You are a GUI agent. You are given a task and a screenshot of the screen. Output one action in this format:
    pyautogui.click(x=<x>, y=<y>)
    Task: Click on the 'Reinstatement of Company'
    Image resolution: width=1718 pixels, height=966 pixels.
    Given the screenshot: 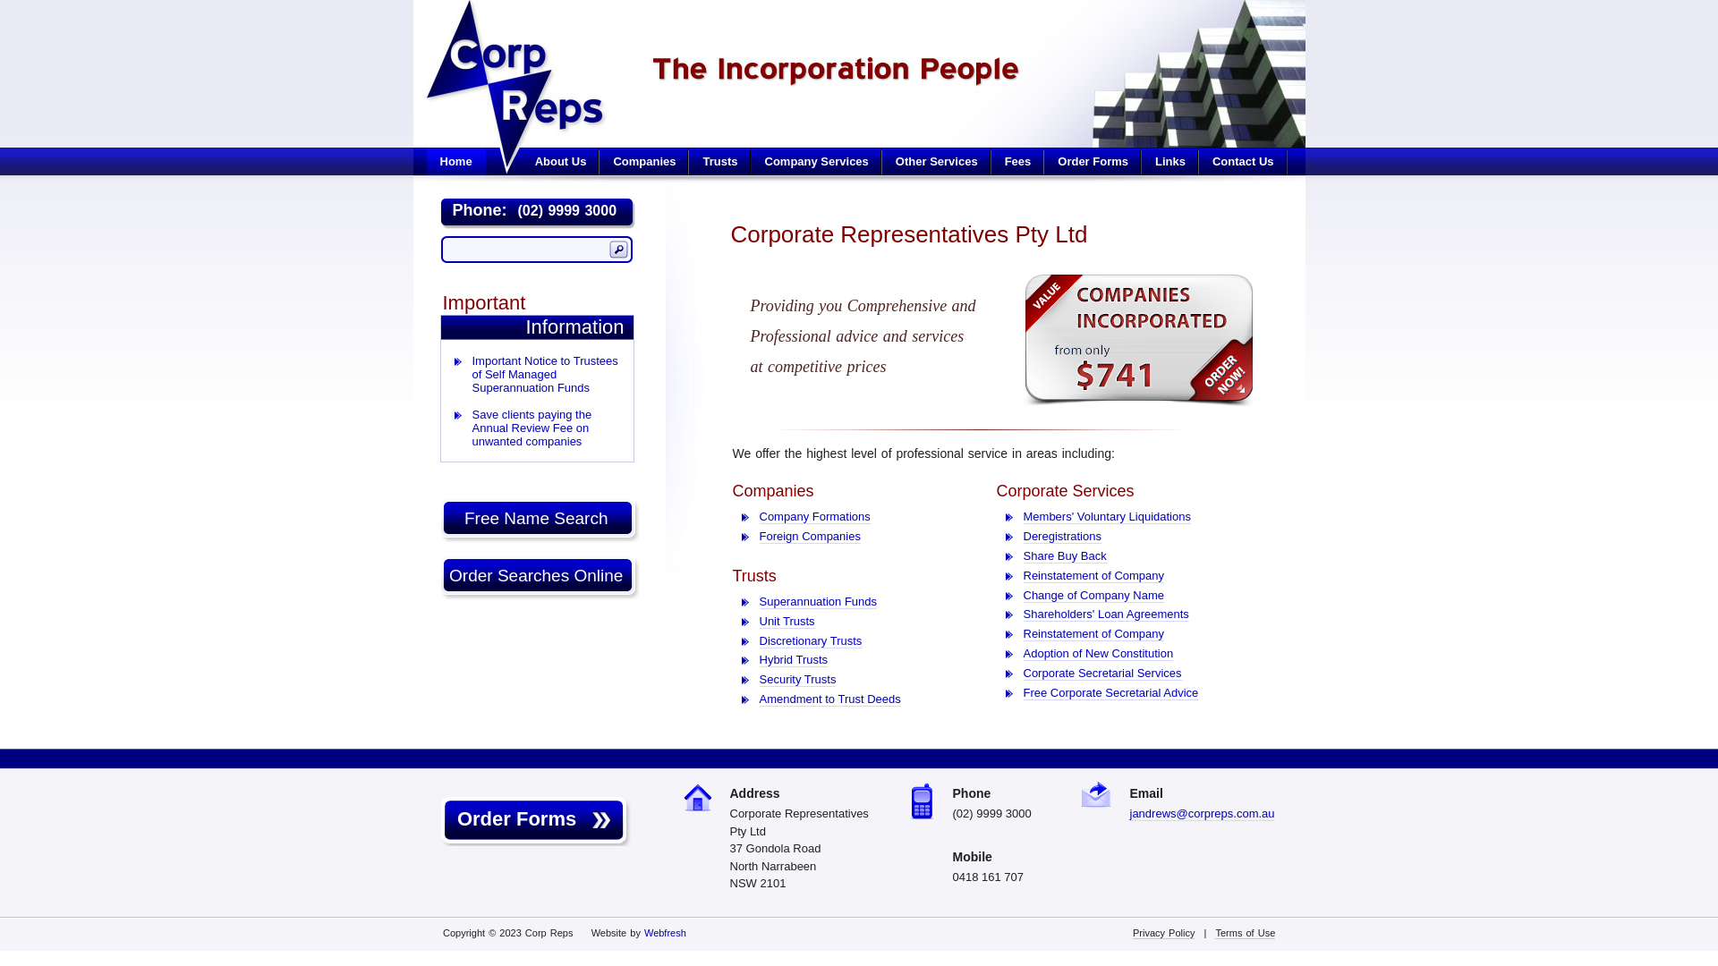 What is the action you would take?
    pyautogui.click(x=1093, y=576)
    